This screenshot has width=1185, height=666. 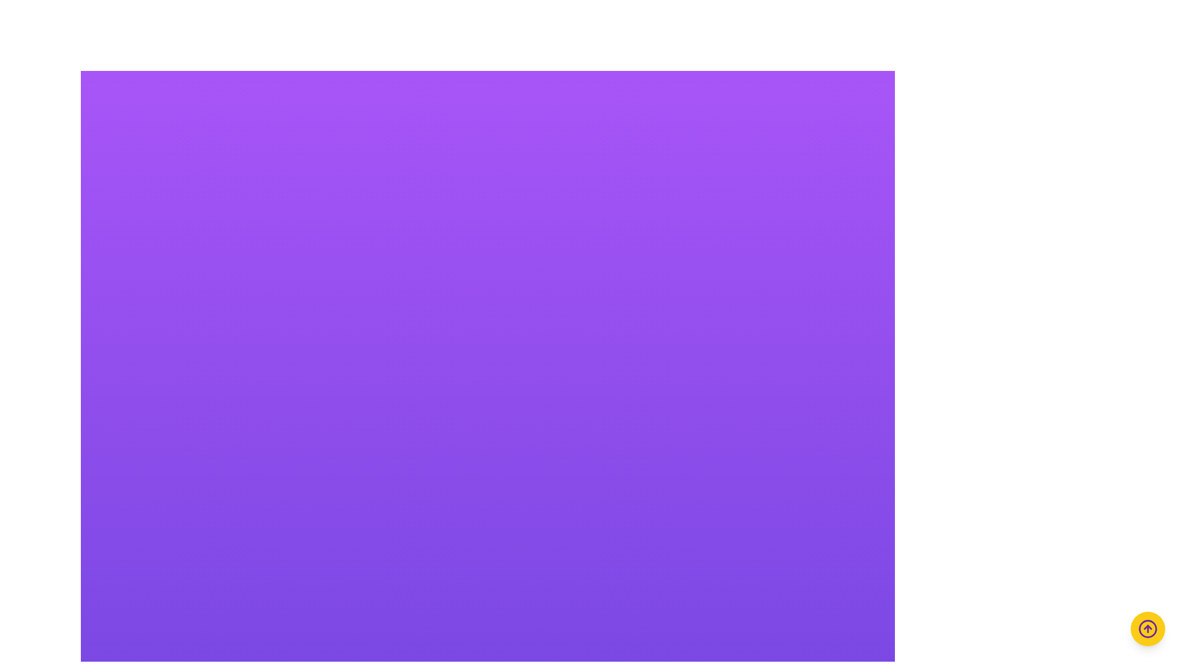 What do you see at coordinates (1147, 628) in the screenshot?
I see `the 'Back to Top' SVG Icon located at the center of the circular button in the bottom-right corner of the interface` at bounding box center [1147, 628].